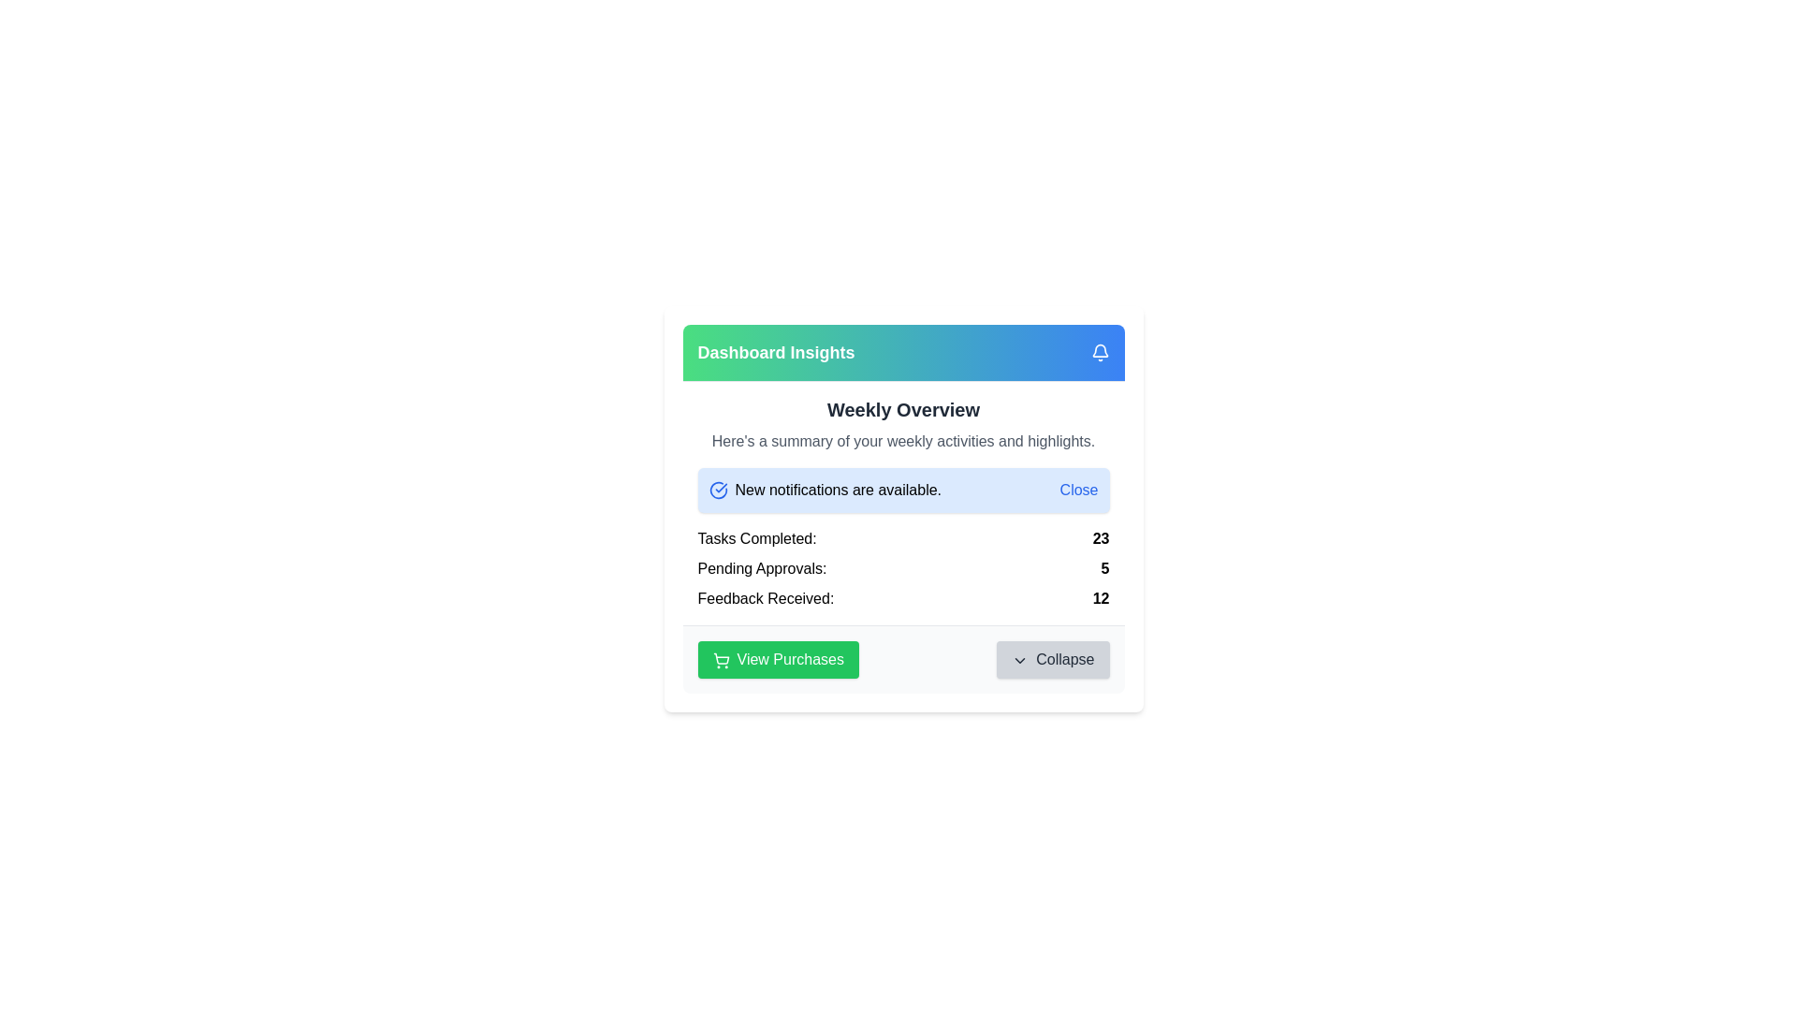  I want to click on the text block that serves as a subtitle for the weekly activities, located below the 'Weekly Overview' headline, so click(903, 441).